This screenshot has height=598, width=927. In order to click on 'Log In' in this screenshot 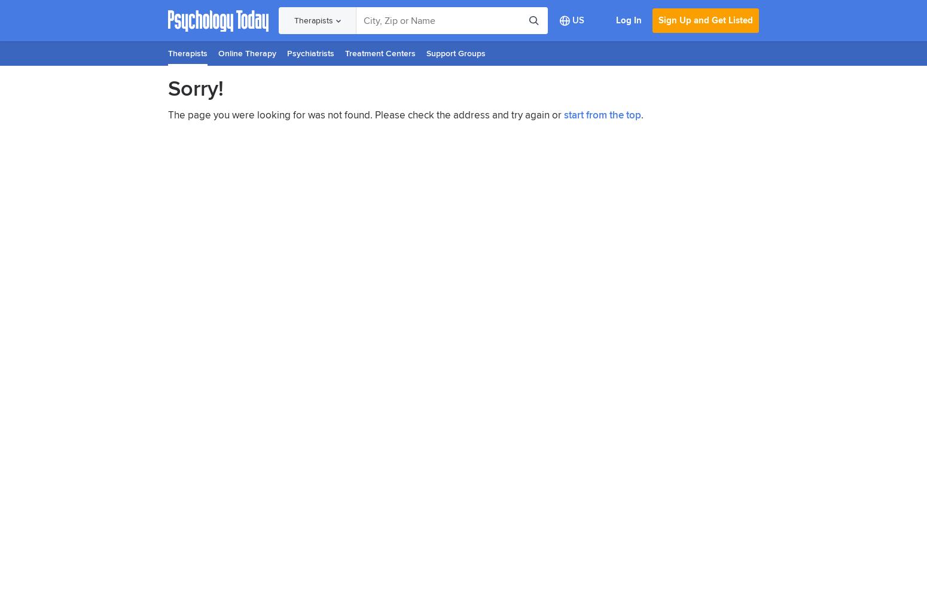, I will do `click(629, 20)`.